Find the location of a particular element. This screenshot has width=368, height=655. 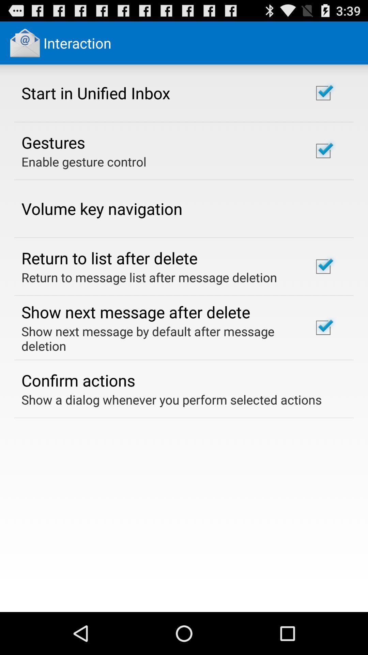

the item above the return to list icon is located at coordinates (102, 208).